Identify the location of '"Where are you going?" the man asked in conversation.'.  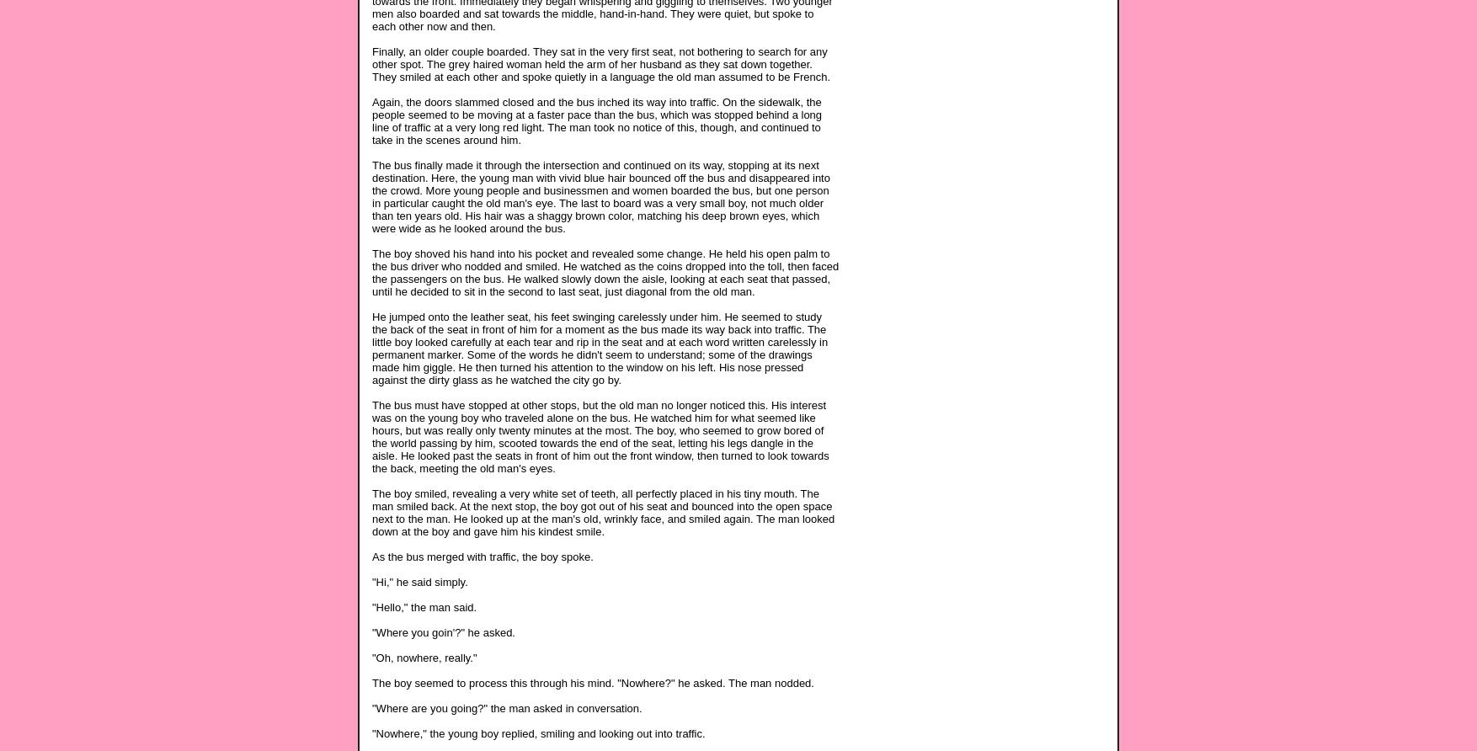
(506, 706).